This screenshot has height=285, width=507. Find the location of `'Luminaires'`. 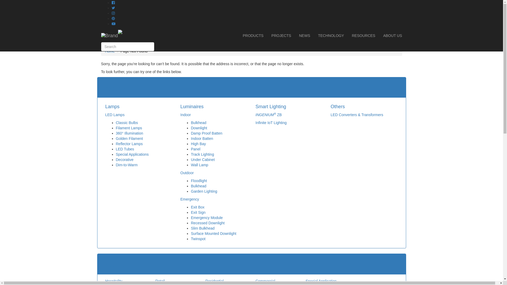

'Luminaires' is located at coordinates (191, 107).